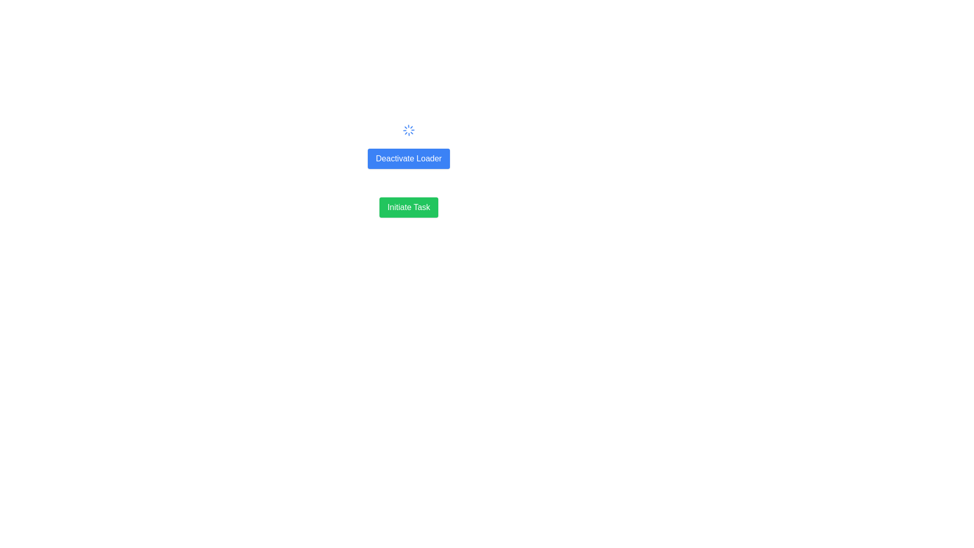 The height and width of the screenshot is (548, 974). What do you see at coordinates (409, 158) in the screenshot?
I see `the button located directly below the spinning loader icon` at bounding box center [409, 158].